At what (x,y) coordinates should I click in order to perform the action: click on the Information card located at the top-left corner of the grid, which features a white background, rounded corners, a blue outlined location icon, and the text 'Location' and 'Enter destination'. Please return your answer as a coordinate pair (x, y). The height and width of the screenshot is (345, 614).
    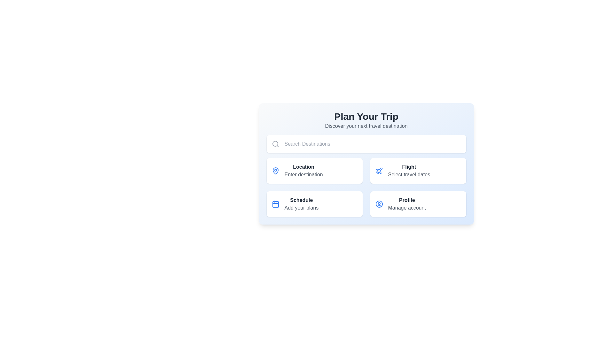
    Looking at the image, I should click on (314, 171).